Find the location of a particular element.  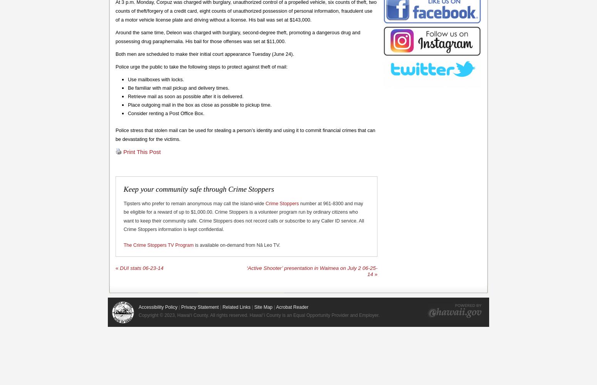

'number at 961-8300 and may be eligible for a reward of up to $1,000.00. Crime Stoppers is a volunteer program run by ordinary citizens who want to keep their community safe. Crime Stoppers does not record calls or subscribe to any Caller ID service. All Crime Stoppers information is kept confidential.' is located at coordinates (243, 216).